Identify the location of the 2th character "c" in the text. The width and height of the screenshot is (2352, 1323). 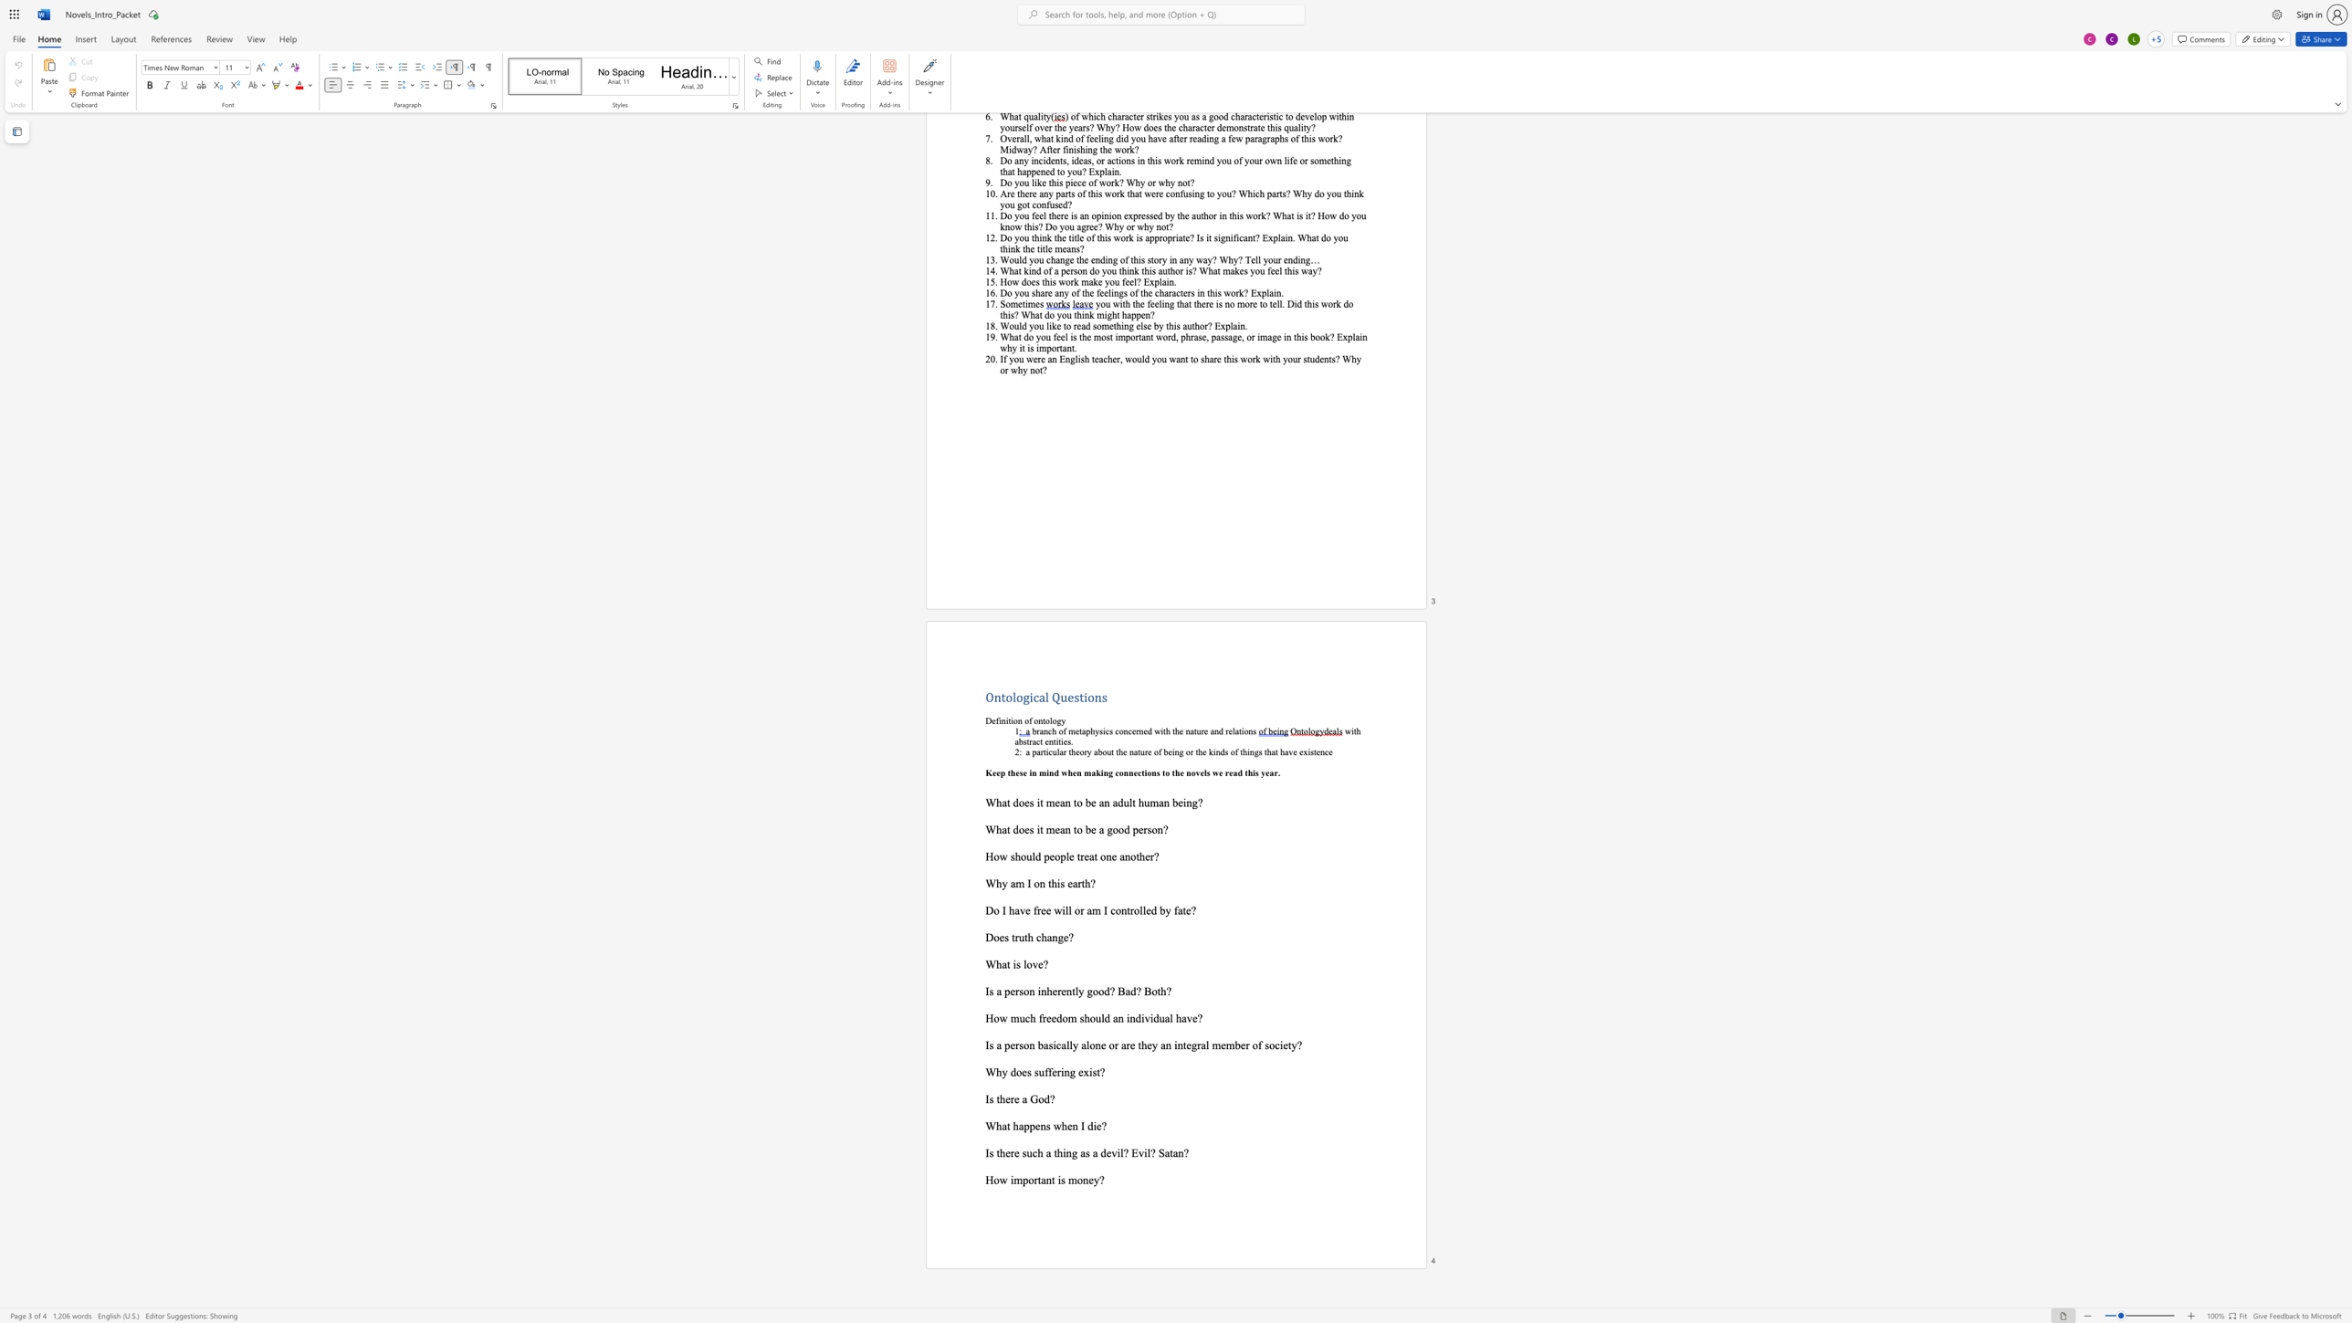
(1107, 731).